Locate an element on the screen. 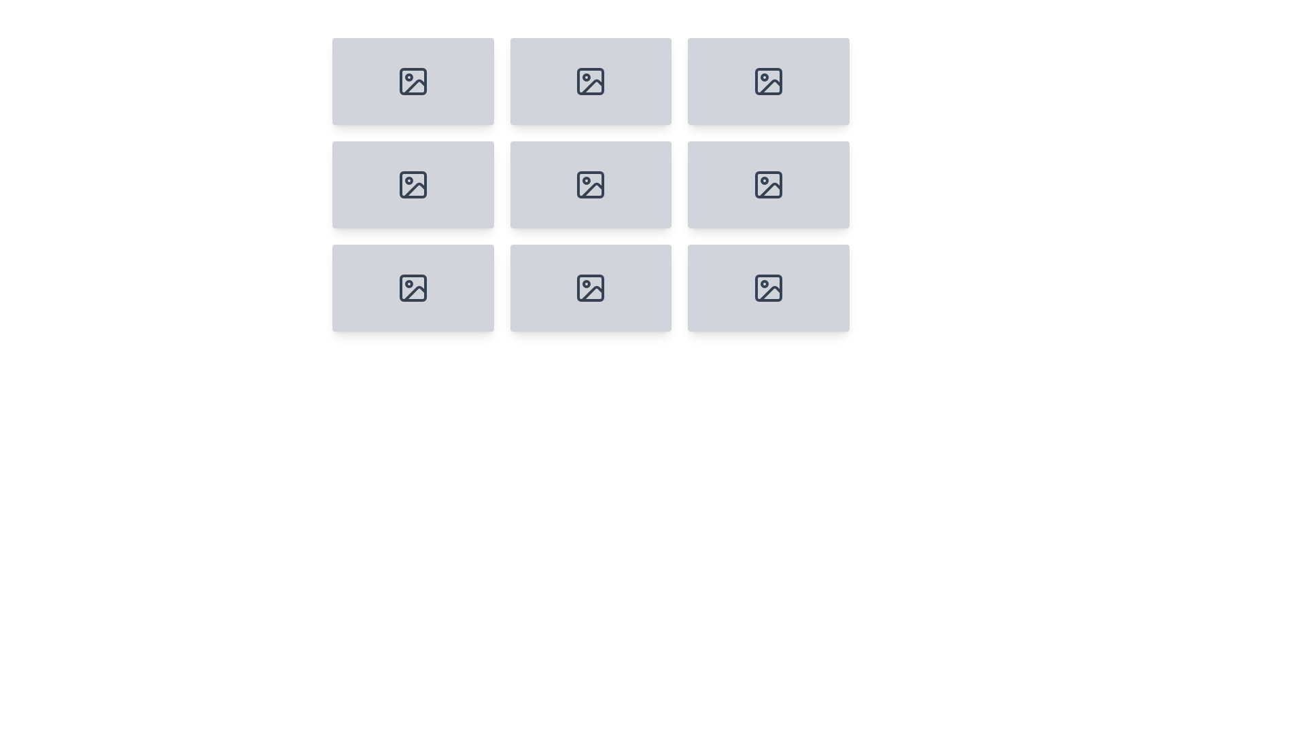 Image resolution: width=1305 pixels, height=734 pixels. text displayed in the primary title of the hover overlay located at the bottom of the central image in the 3x3 grid layout is located at coordinates (591, 186).